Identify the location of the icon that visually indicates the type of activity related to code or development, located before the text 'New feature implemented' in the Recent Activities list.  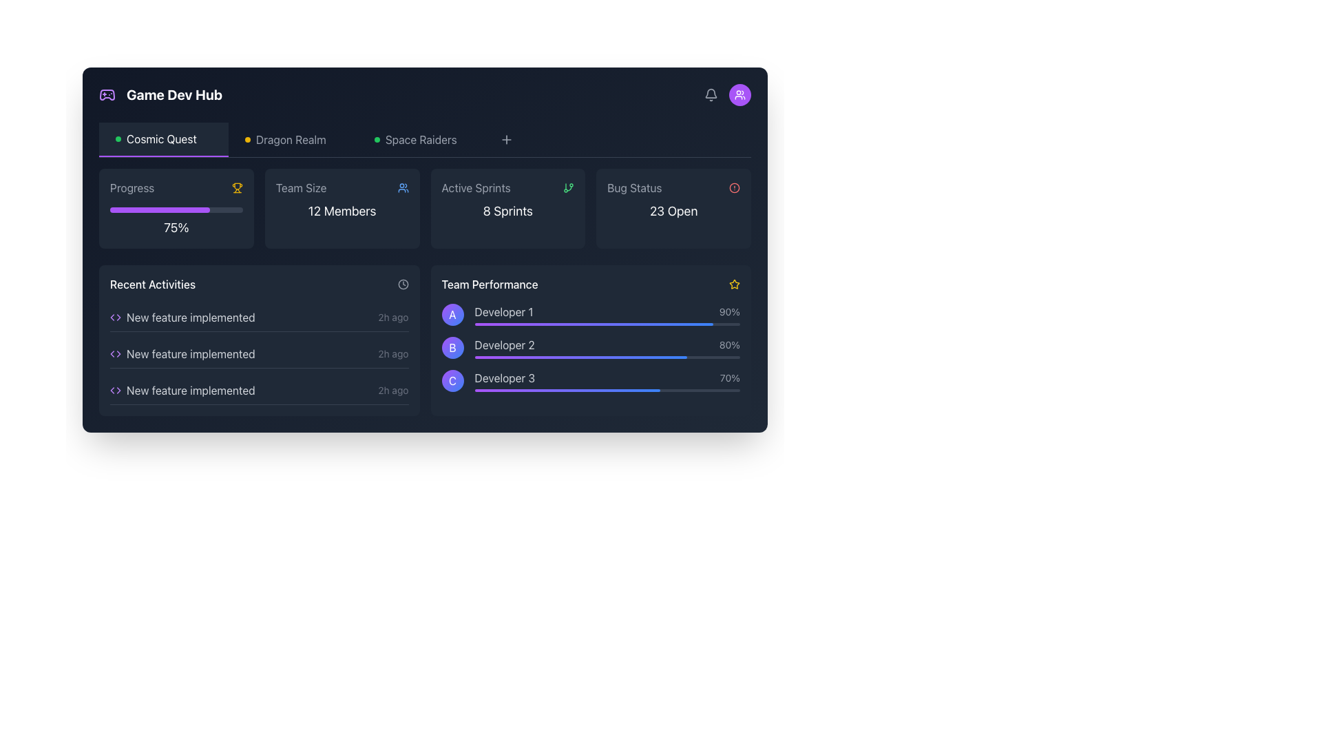
(116, 391).